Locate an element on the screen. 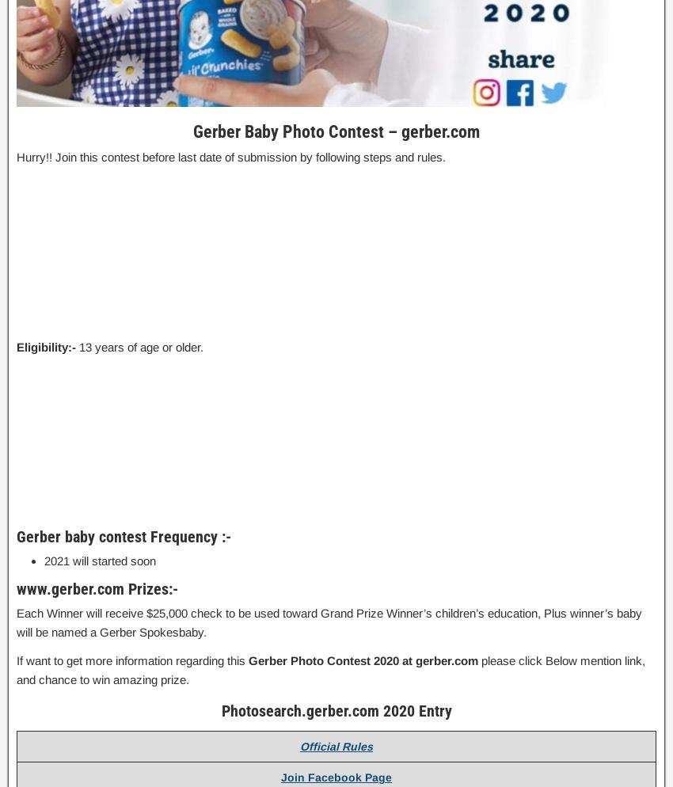 The width and height of the screenshot is (673, 787). 'Photosearch.gerber.com' is located at coordinates (298, 709).